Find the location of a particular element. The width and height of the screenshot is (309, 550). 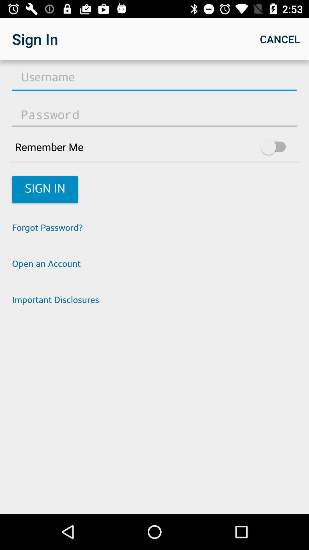

important disclosures app is located at coordinates (154, 300).